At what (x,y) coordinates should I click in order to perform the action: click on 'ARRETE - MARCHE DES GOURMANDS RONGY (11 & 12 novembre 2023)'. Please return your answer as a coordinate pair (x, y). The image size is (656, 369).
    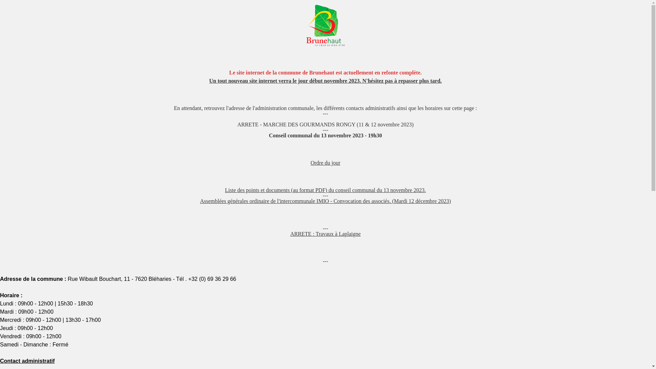
    Looking at the image, I should click on (325, 124).